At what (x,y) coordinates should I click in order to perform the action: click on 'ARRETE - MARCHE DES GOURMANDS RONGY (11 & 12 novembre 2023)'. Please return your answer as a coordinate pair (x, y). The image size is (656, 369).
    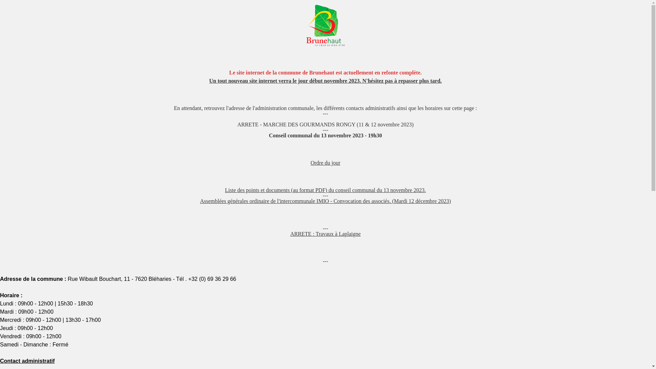
    Looking at the image, I should click on (325, 124).